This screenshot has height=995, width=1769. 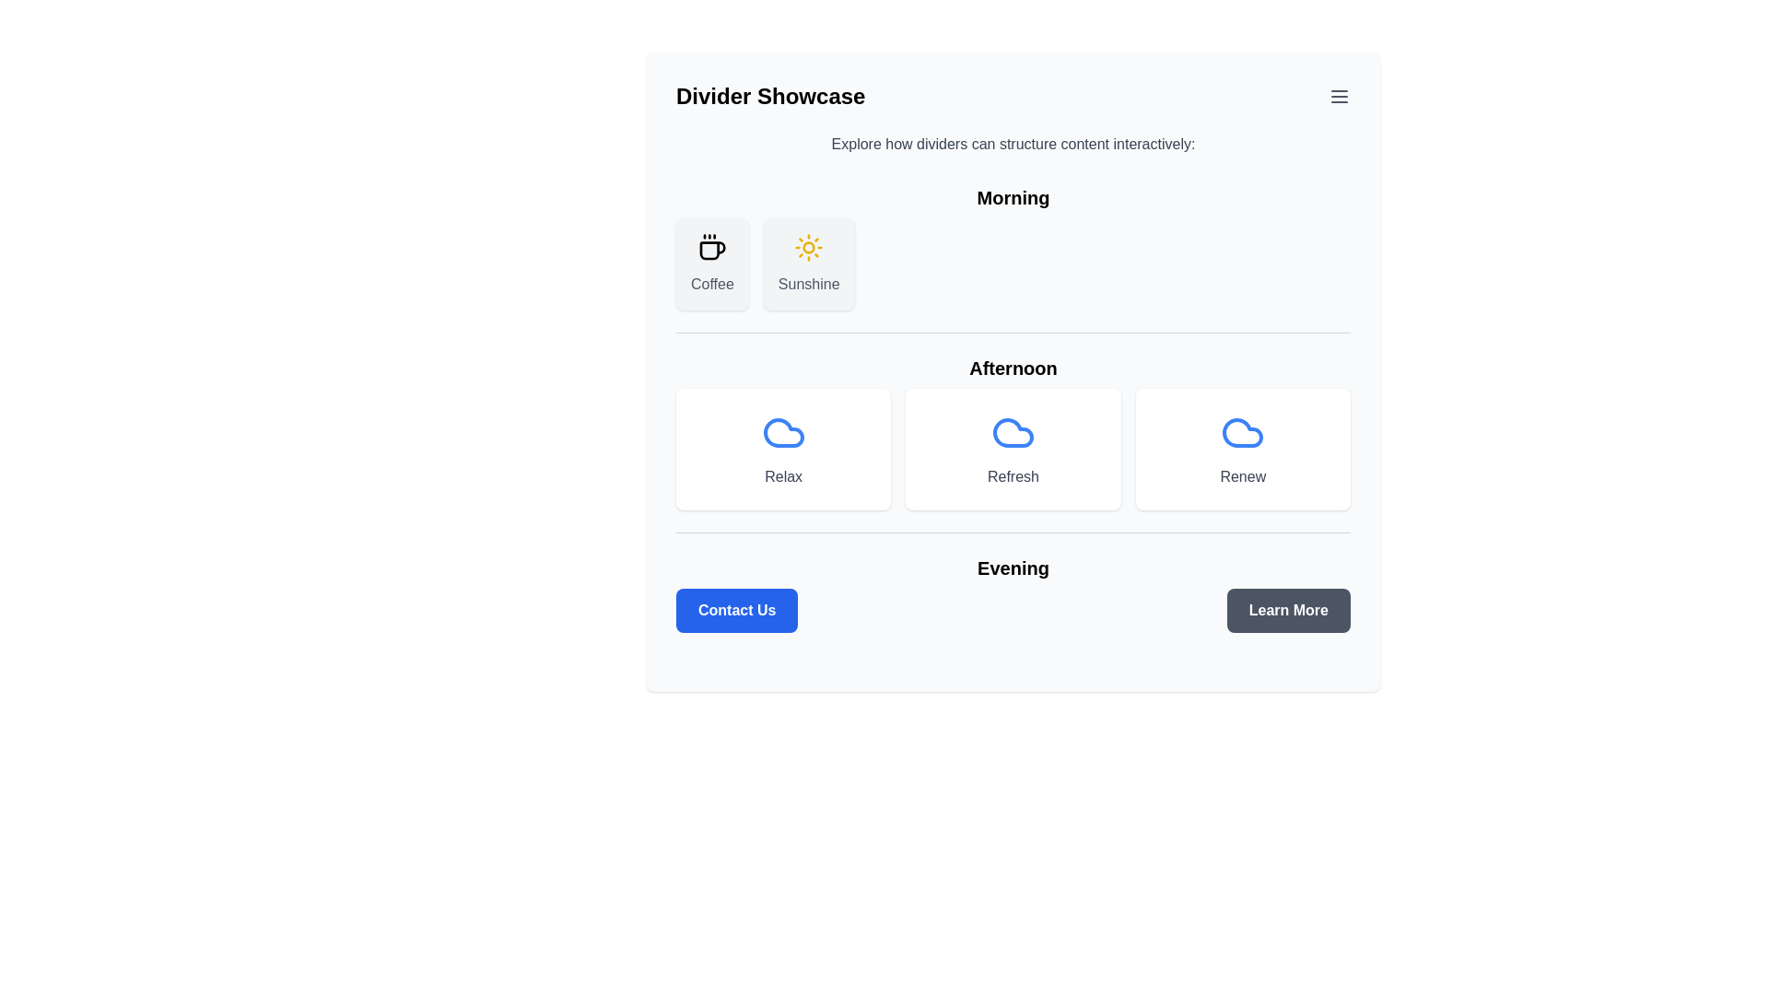 I want to click on the small circular shape of the sun icon located above the 'Sunshine' label in the 'Morning' section of the interface, so click(x=809, y=247).